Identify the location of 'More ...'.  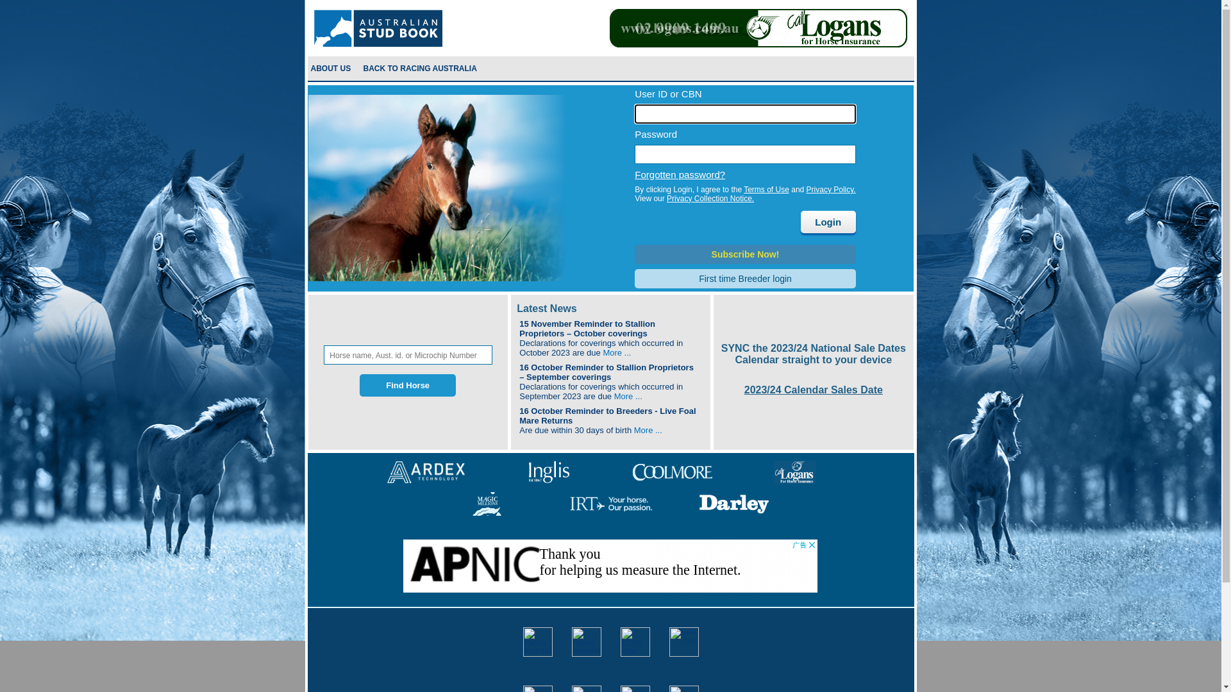
(628, 395).